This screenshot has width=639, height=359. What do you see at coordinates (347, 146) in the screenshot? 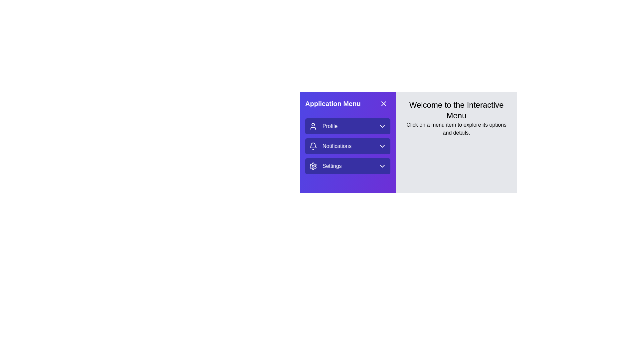
I see `the second menu item under the 'Application Menu'` at bounding box center [347, 146].